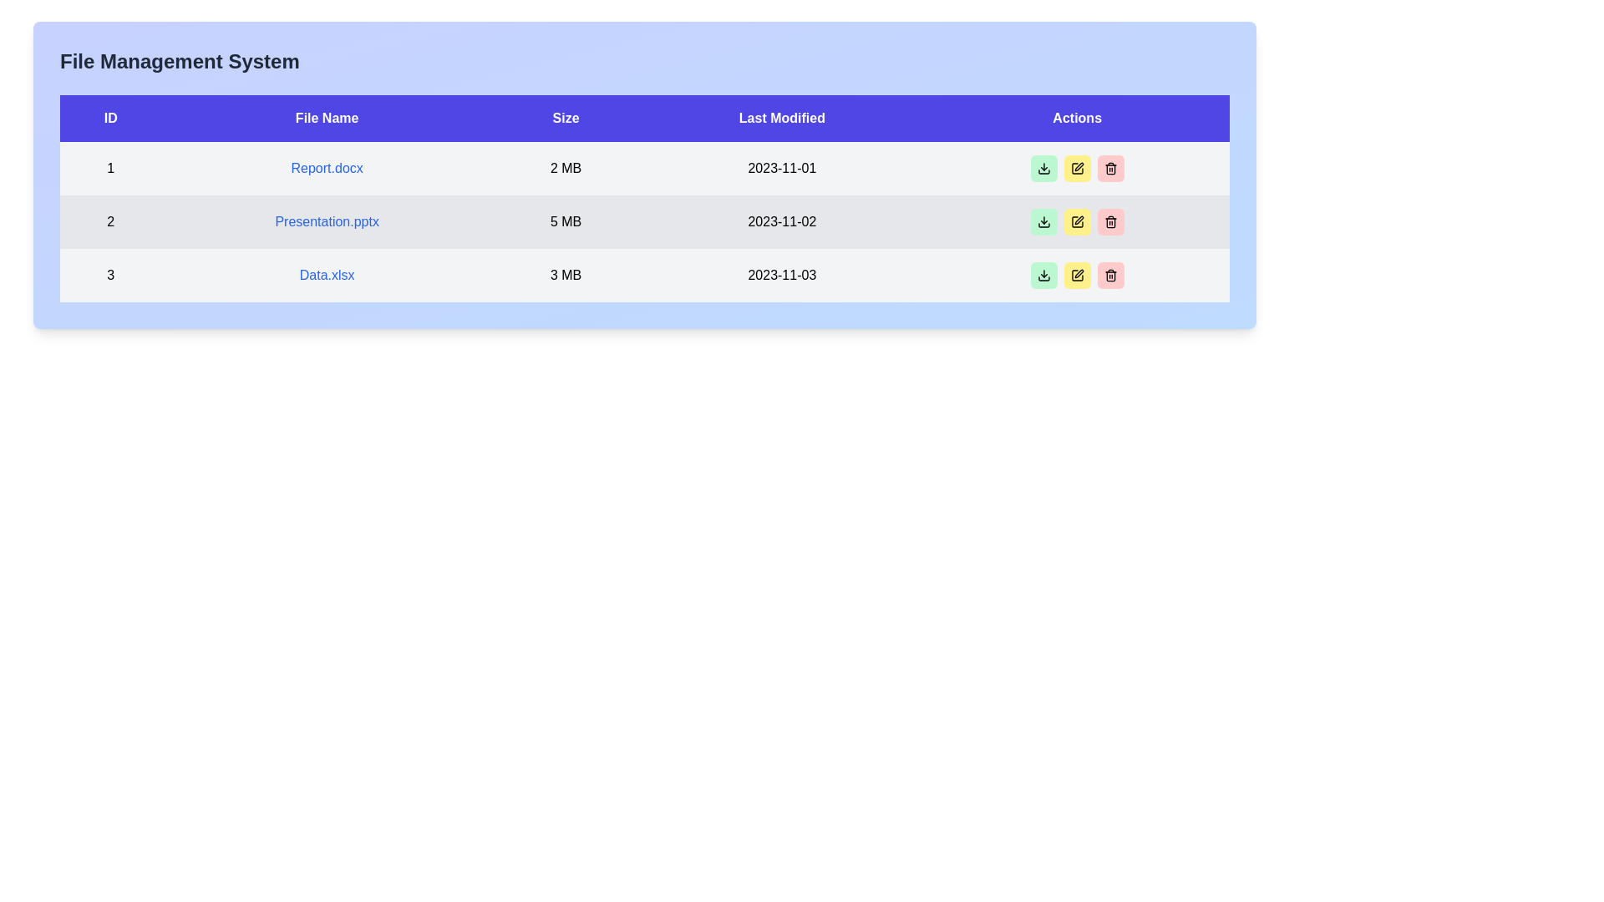 The image size is (1604, 902). What do you see at coordinates (1110, 168) in the screenshot?
I see `the delete button in the 'Actions' column of the first file ('Report.docx') in the file management table` at bounding box center [1110, 168].